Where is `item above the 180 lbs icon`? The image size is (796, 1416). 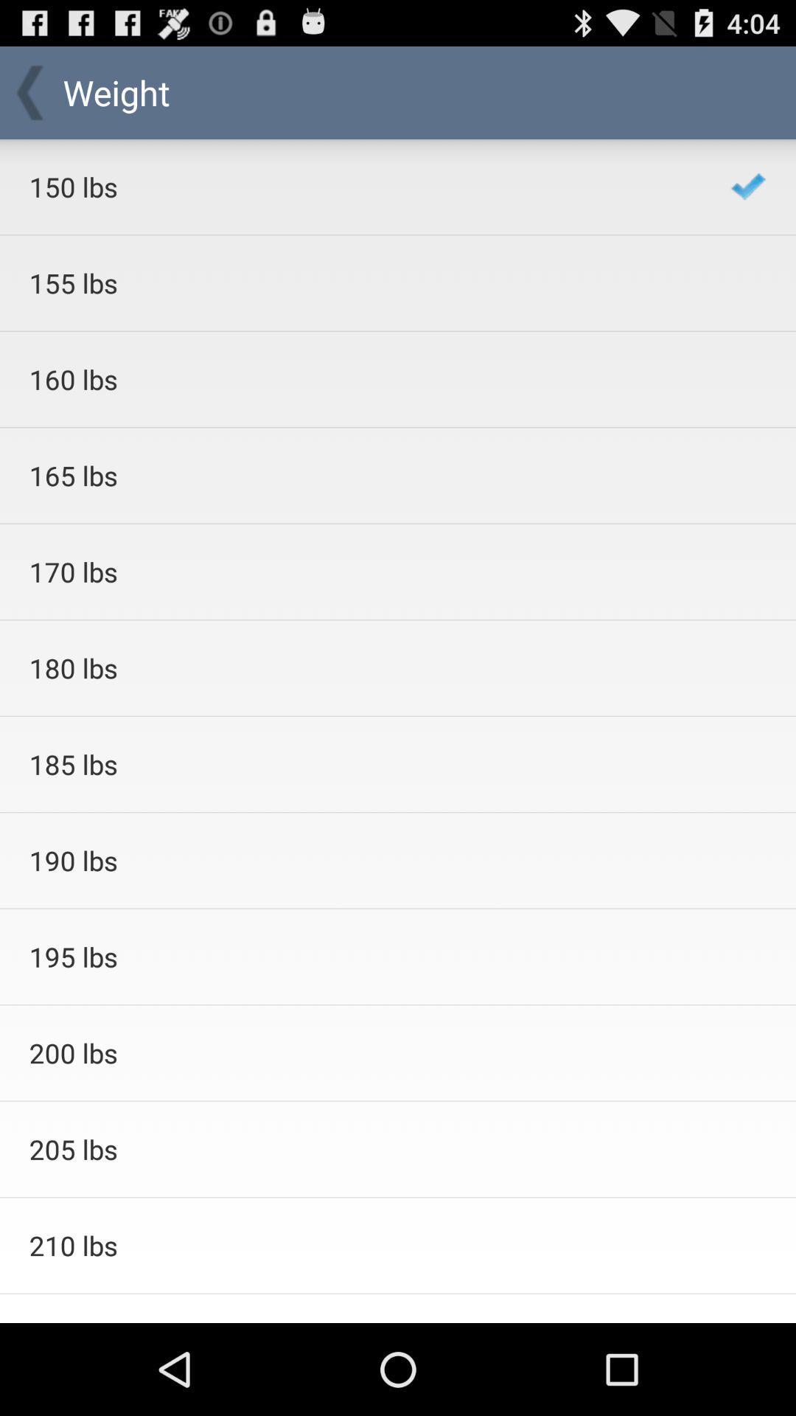 item above the 180 lbs icon is located at coordinates (360, 571).